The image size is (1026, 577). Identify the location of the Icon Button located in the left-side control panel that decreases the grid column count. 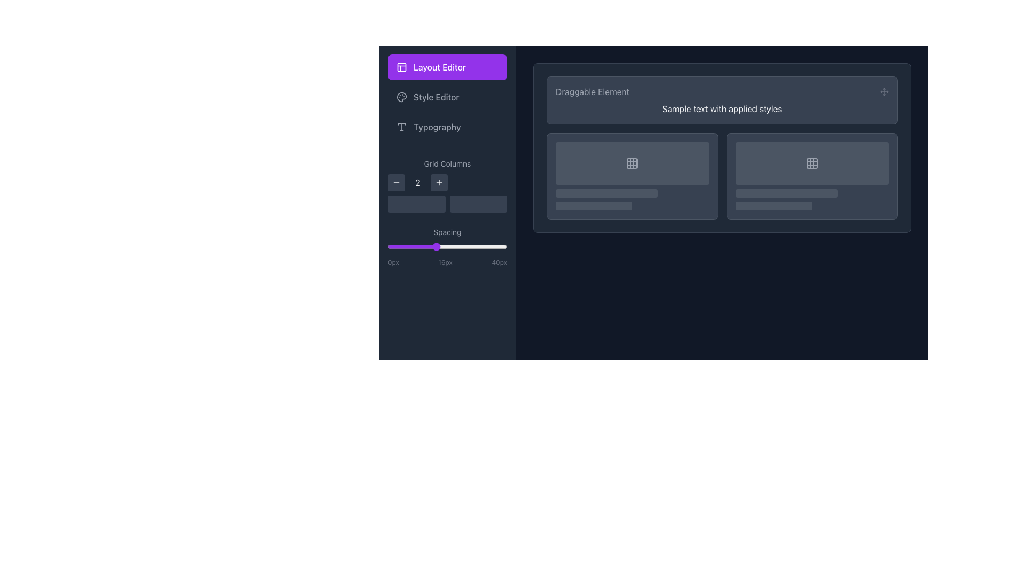
(396, 182).